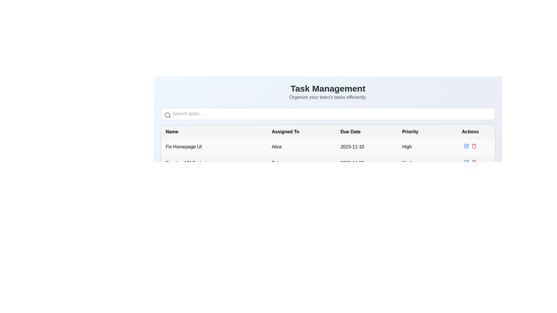 Image resolution: width=557 pixels, height=313 pixels. I want to click on the edit action icon located in the Actions column of the second row in the Task Management section, so click(466, 146).